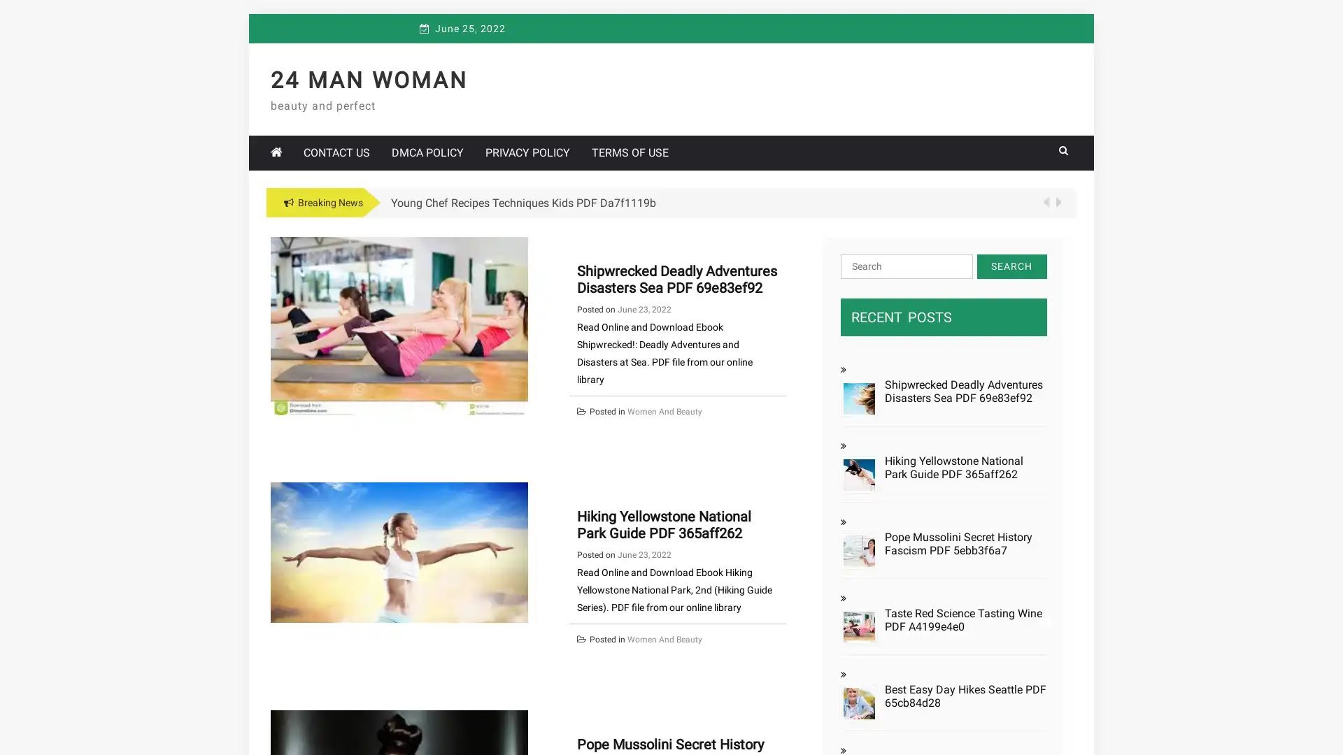 The width and height of the screenshot is (1343, 755). I want to click on Search, so click(1011, 266).